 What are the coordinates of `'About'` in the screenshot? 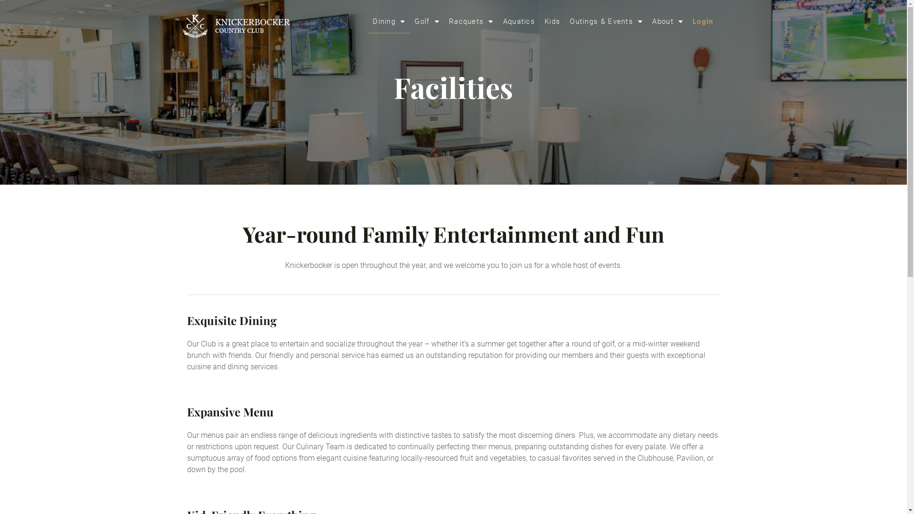 It's located at (647, 21).